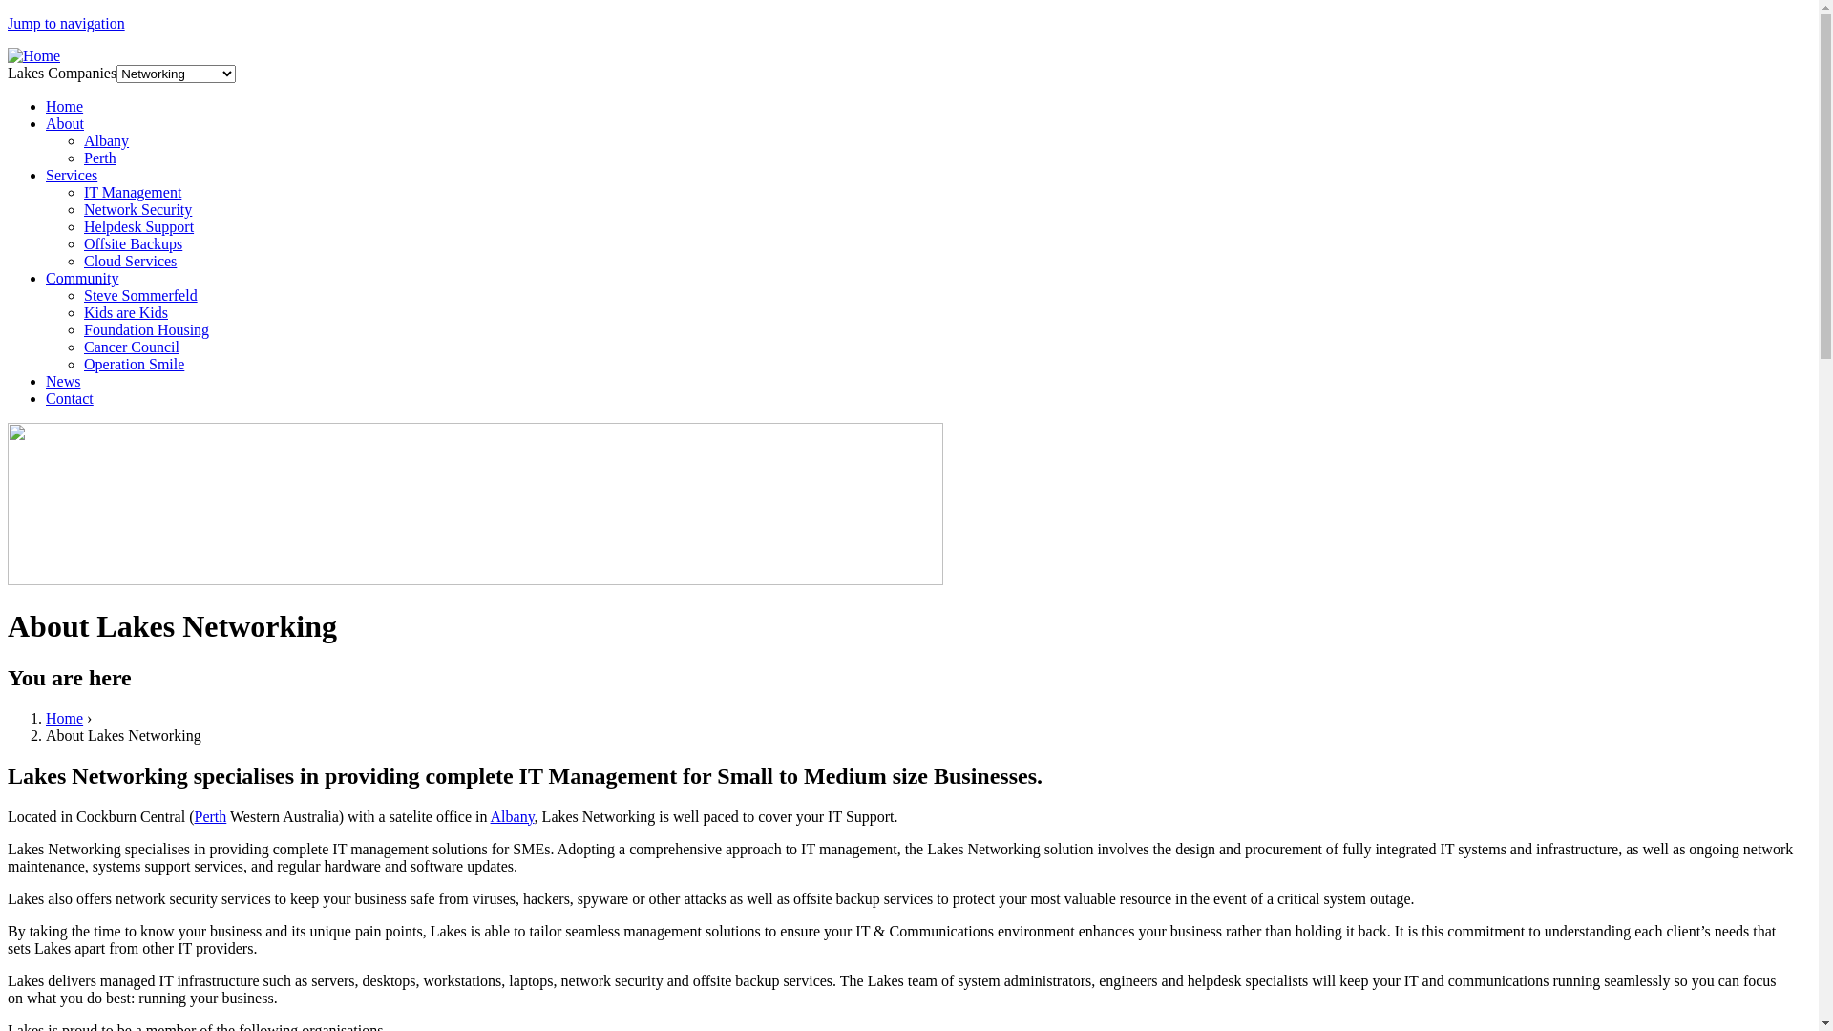  I want to click on 'Helpdesk Support', so click(82, 225).